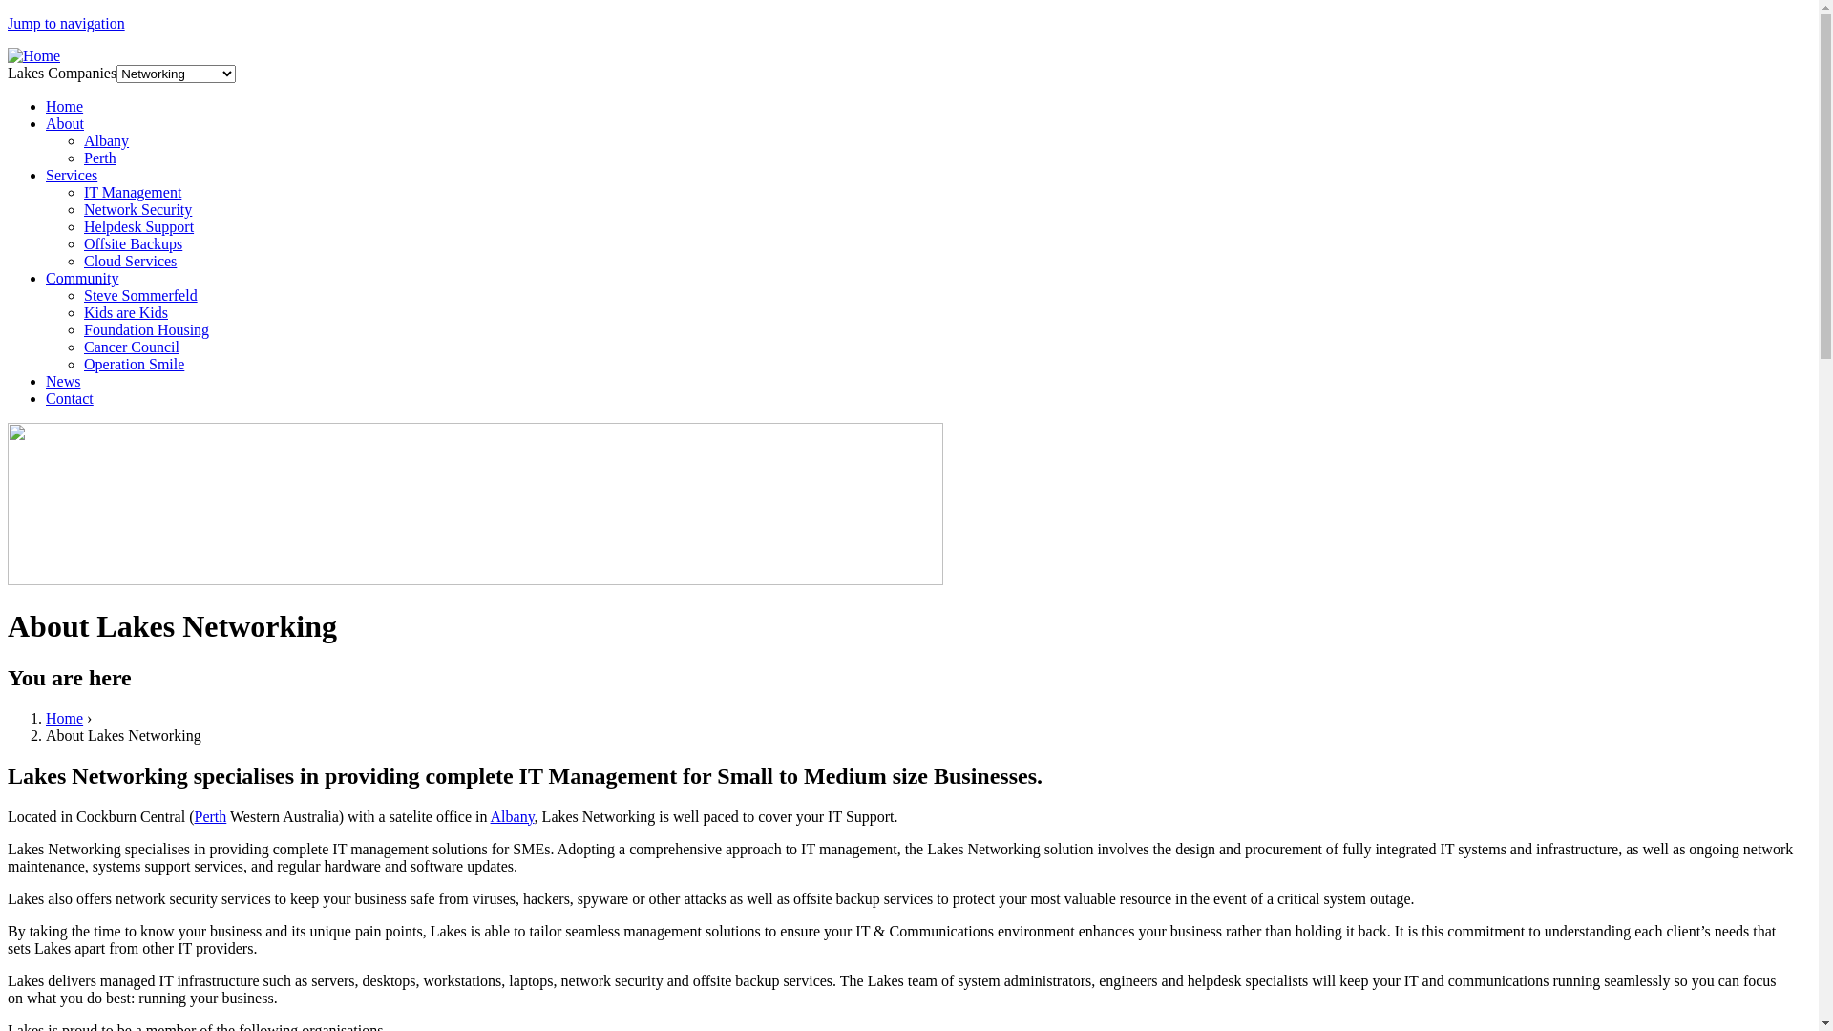  I want to click on 'Helpdesk Support', so click(82, 225).